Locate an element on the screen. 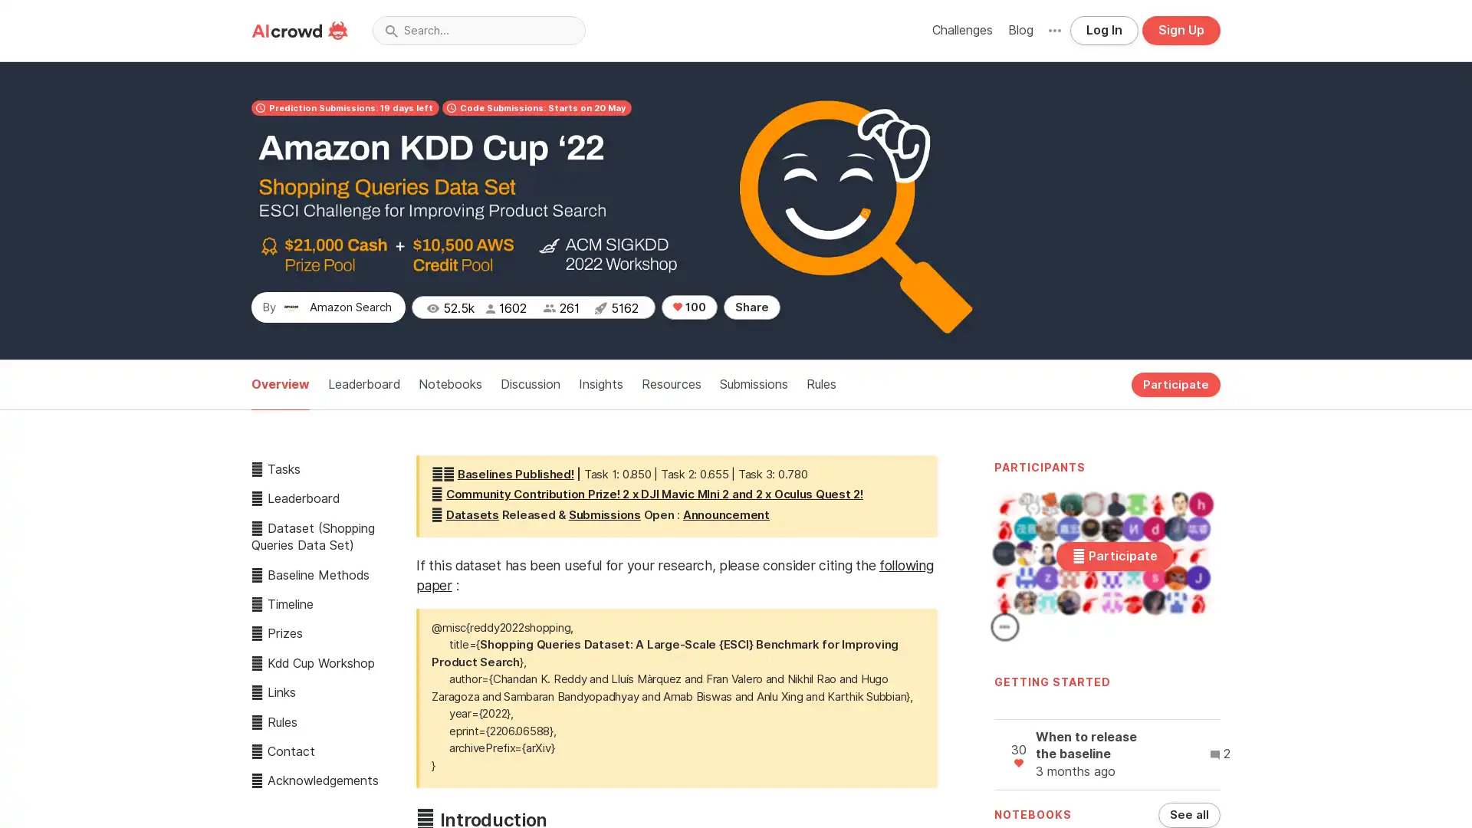 The image size is (1472, 828). Participate is located at coordinates (1114, 556).